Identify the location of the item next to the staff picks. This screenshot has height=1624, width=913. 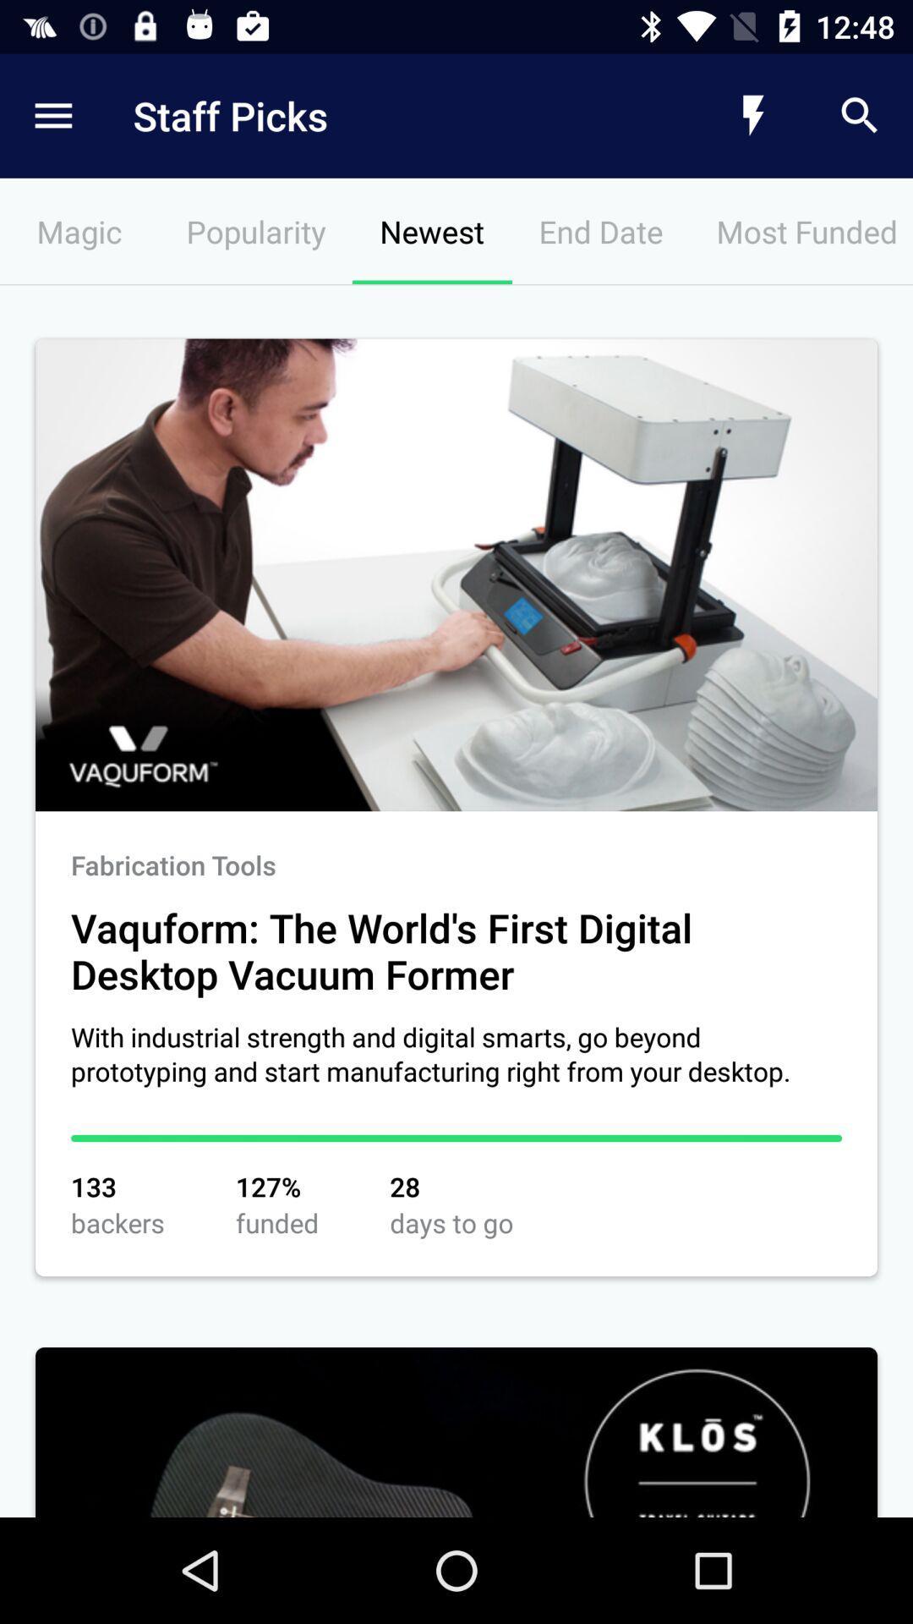
(752, 115).